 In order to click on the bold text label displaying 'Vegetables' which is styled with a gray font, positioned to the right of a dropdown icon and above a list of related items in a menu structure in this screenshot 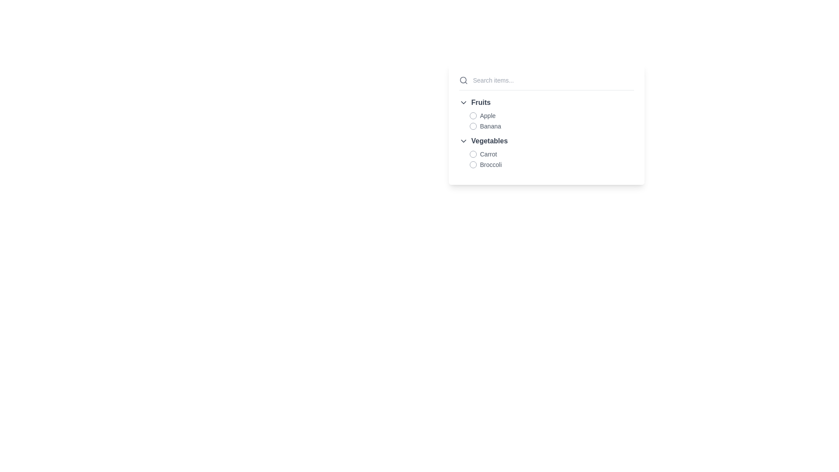, I will do `click(489, 141)`.